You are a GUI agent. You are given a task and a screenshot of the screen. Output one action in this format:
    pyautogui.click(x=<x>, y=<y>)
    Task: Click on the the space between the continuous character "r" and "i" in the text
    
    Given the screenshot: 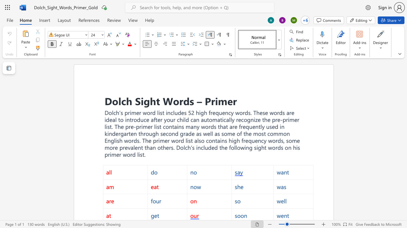 What is the action you would take?
    pyautogui.click(x=215, y=100)
    